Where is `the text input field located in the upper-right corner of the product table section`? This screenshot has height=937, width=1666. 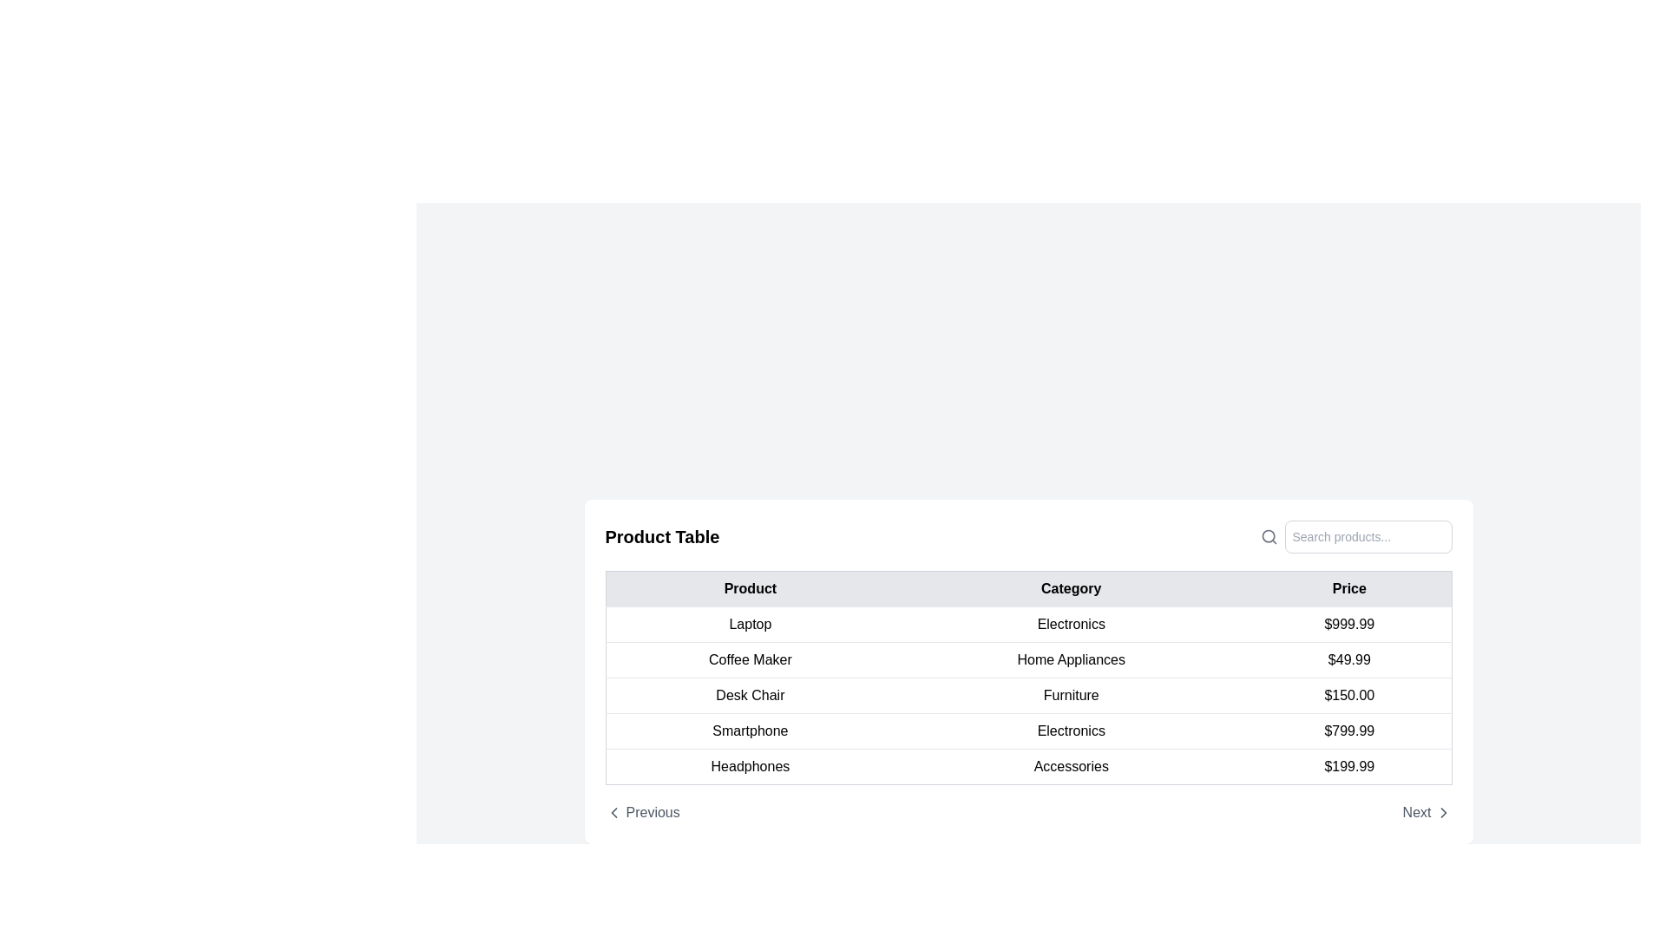
the text input field located in the upper-right corner of the product table section is located at coordinates (1368, 534).